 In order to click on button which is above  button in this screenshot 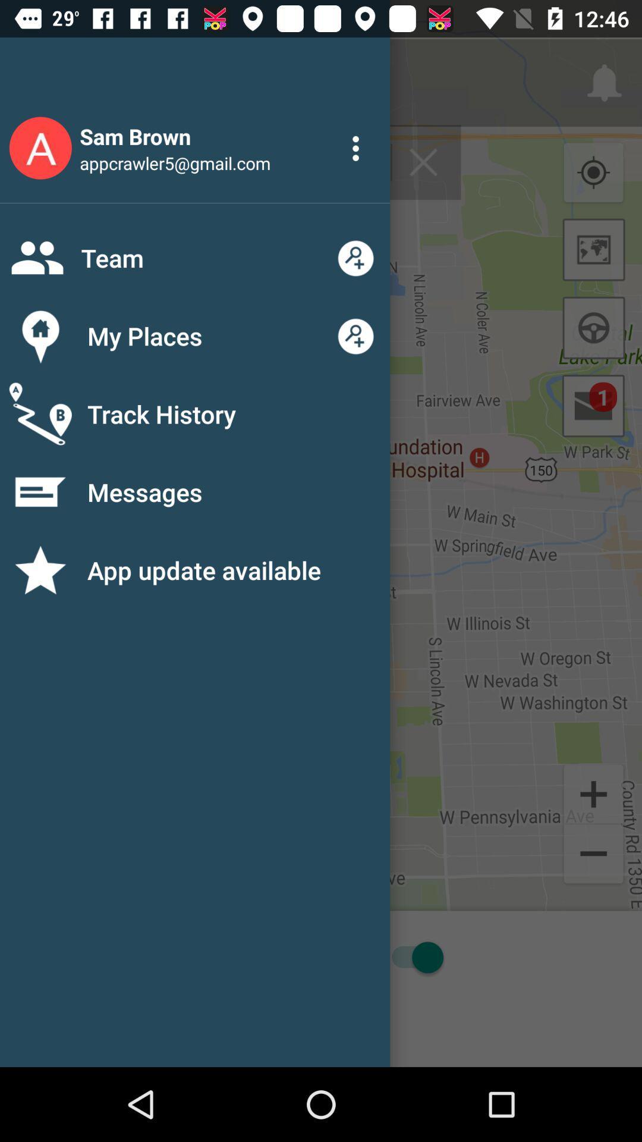, I will do `click(594, 793)`.